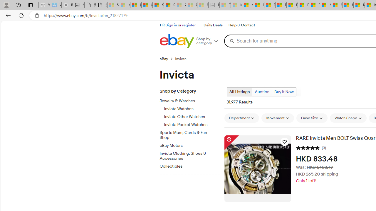  What do you see at coordinates (187, 101) in the screenshot?
I see `'Jewelry & Watches'` at bounding box center [187, 101].